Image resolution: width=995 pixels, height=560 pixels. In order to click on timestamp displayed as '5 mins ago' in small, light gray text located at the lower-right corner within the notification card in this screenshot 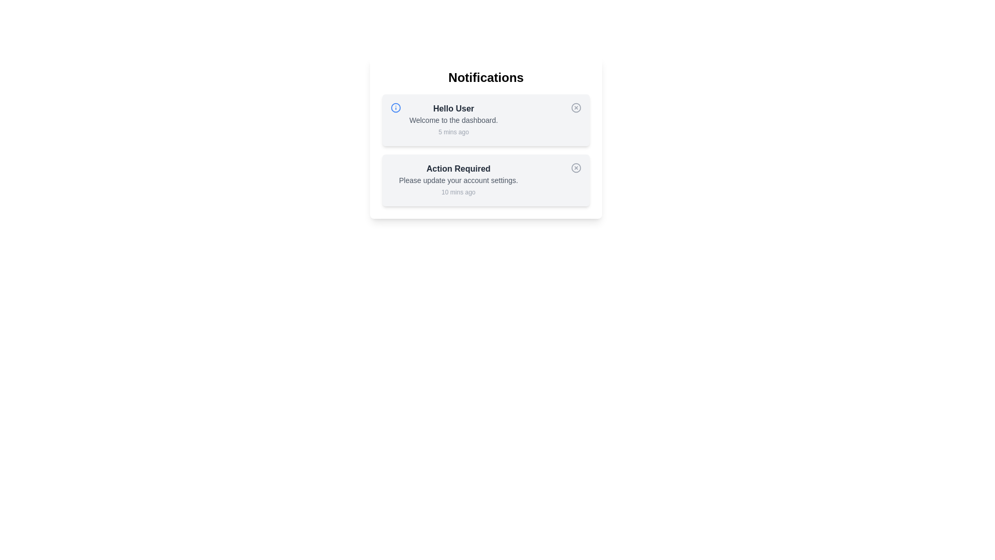, I will do `click(453, 131)`.